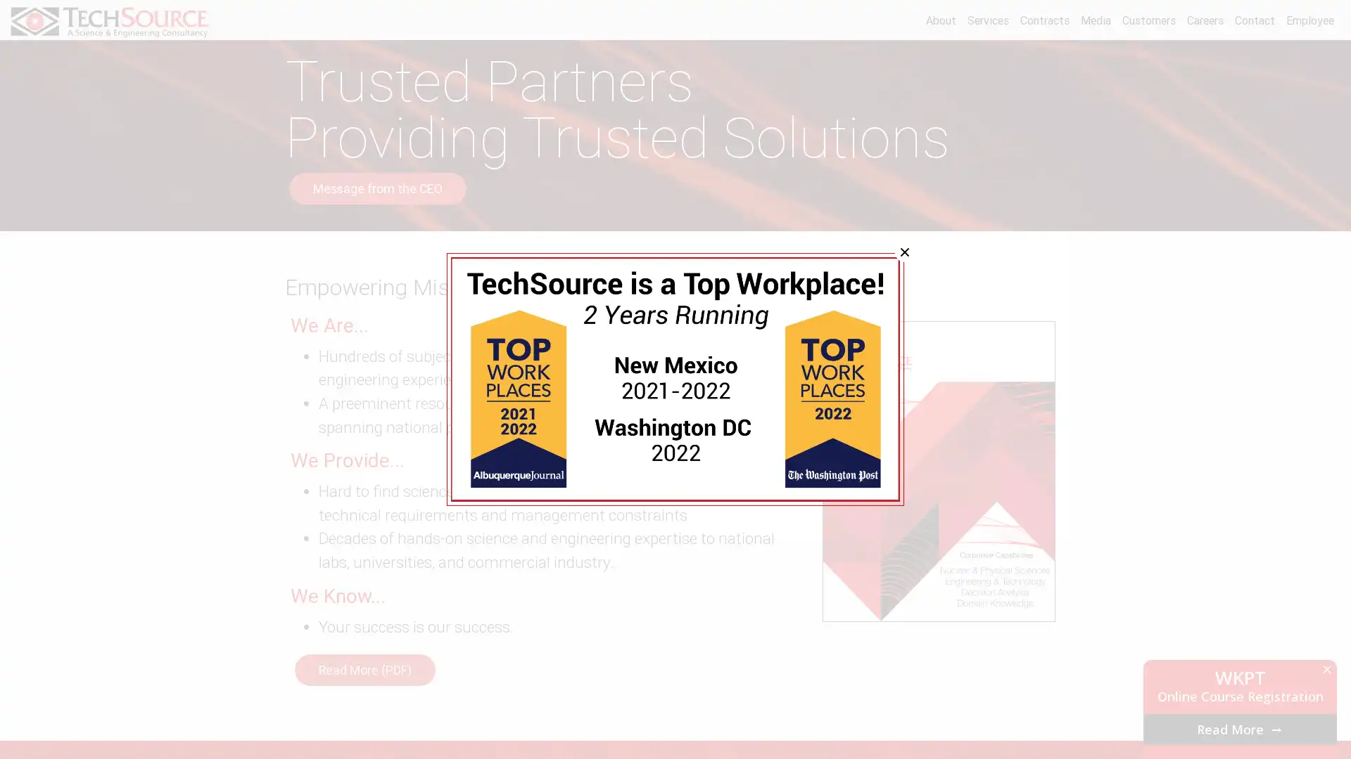 Image resolution: width=1351 pixels, height=759 pixels. I want to click on Message from the CEO, so click(378, 187).